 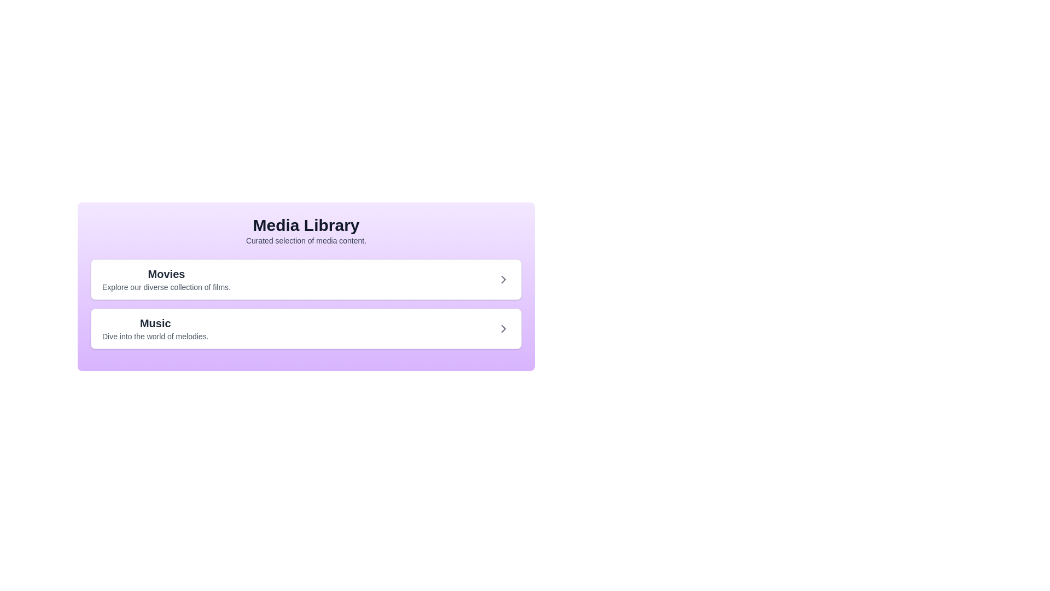 I want to click on the chevron icon on the far-right end of the 'Music' item, so click(x=503, y=328).